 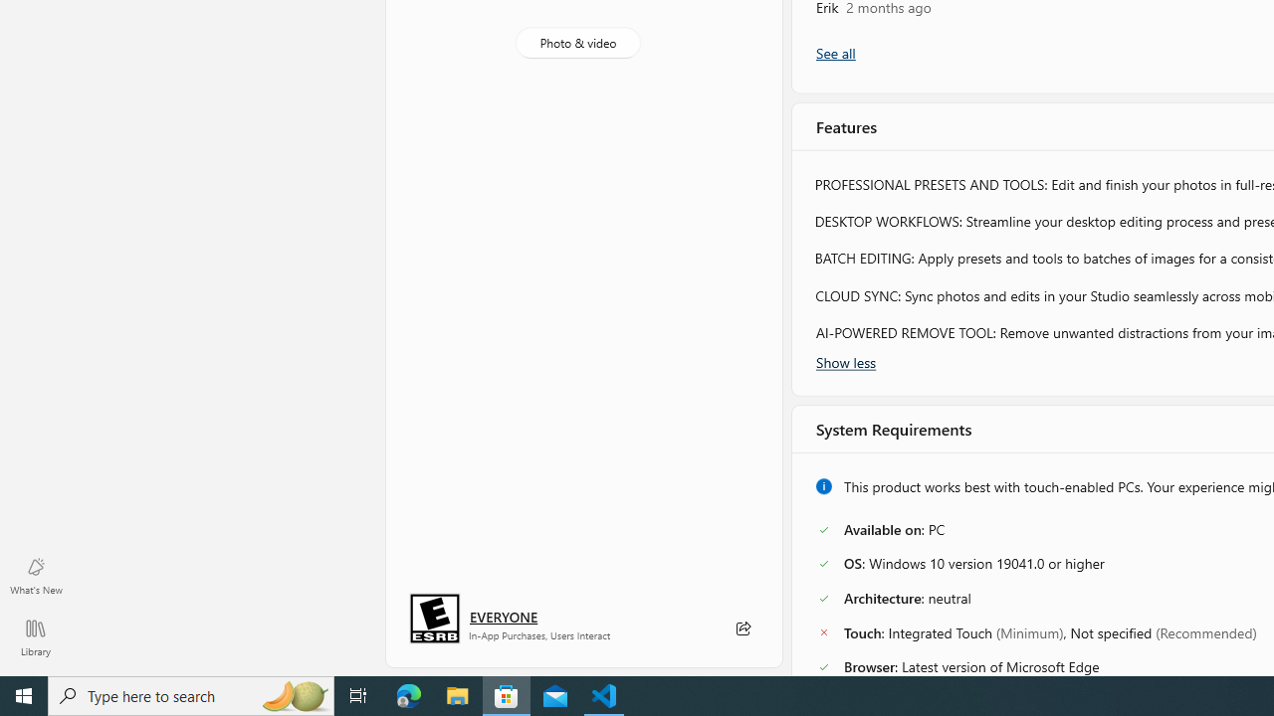 I want to click on 'Show less', so click(x=846, y=361).